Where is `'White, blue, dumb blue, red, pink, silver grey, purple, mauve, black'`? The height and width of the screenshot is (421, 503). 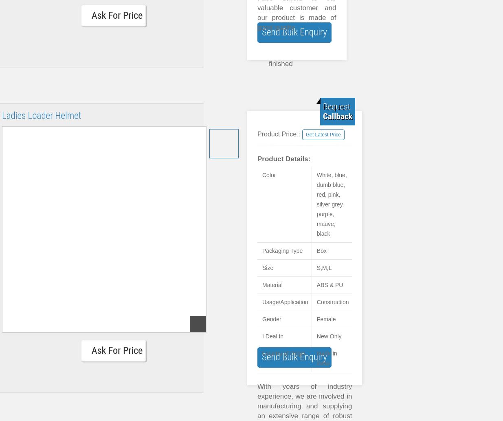 'White, blue, dumb blue, red, pink, silver grey, purple, mauve, black' is located at coordinates (331, 204).